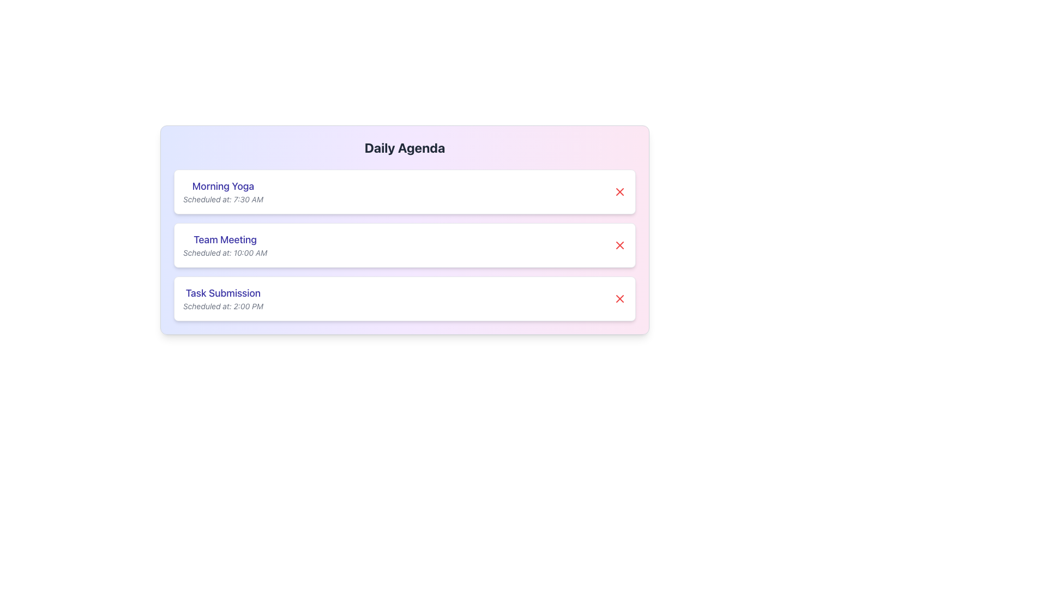  Describe the element at coordinates (225, 253) in the screenshot. I see `the Text Label that displays 'Scheduled at: 10:00 AM', which is positioned below the 'Team Meeting' text in the agenda list` at that location.